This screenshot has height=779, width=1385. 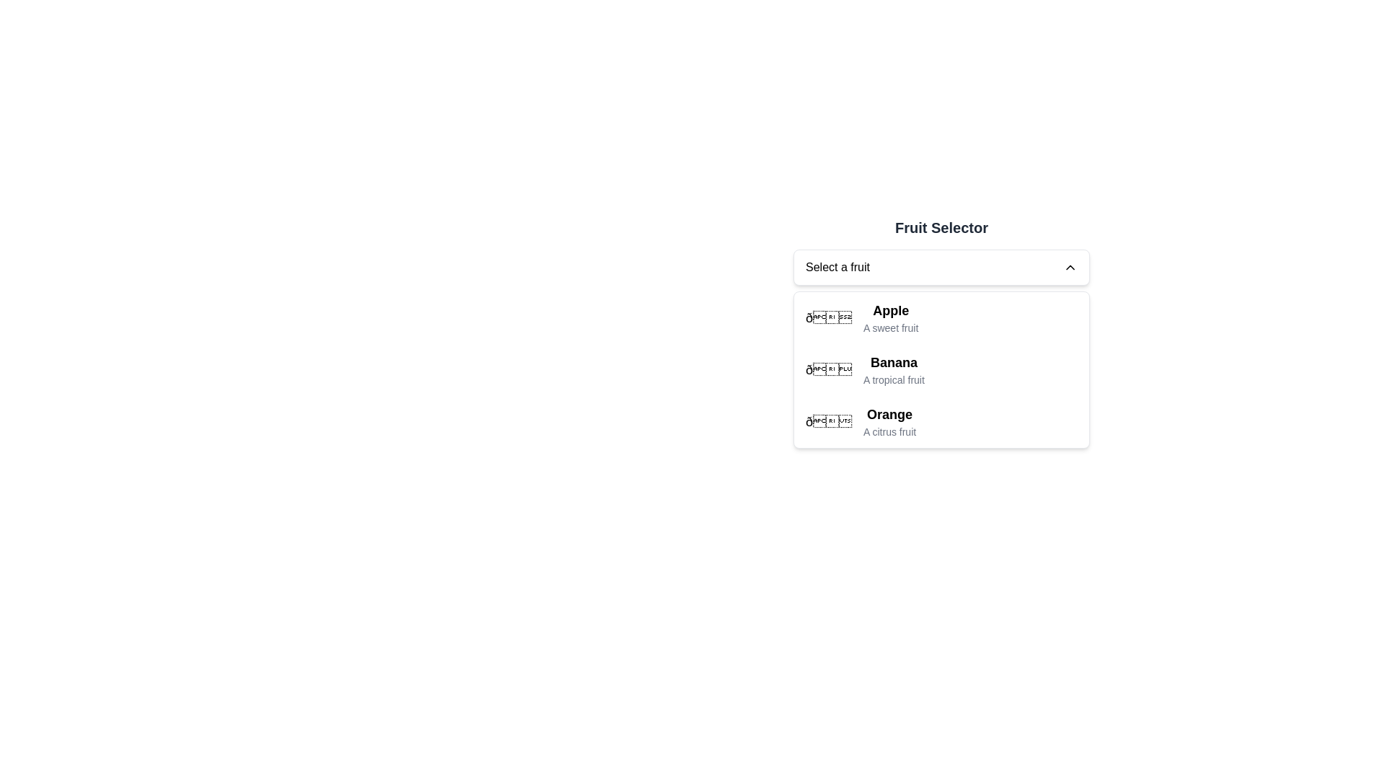 What do you see at coordinates (889, 431) in the screenshot?
I see `the text label displaying 'A citrus fruit', which is styled in a smaller gray font and located below the bold text 'Orange' in the dropdown list` at bounding box center [889, 431].